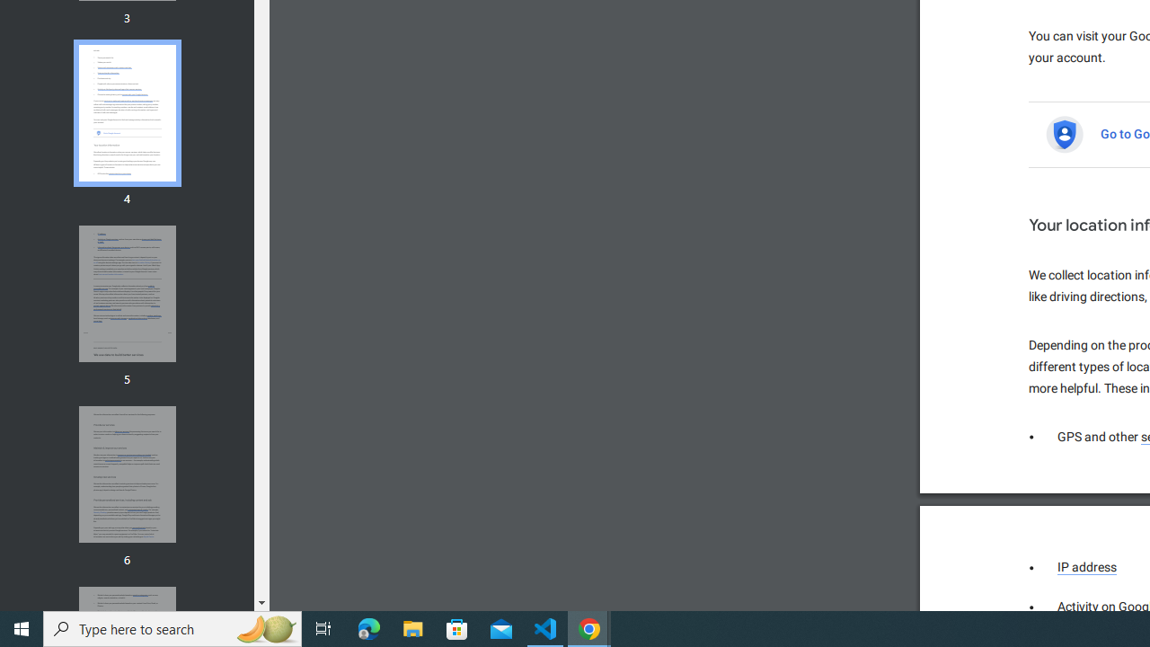 The width and height of the screenshot is (1150, 647). What do you see at coordinates (1086, 567) in the screenshot?
I see `'IP address'` at bounding box center [1086, 567].